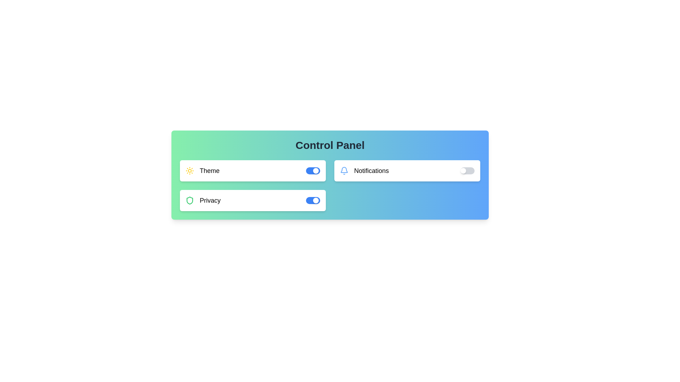 This screenshot has height=382, width=680. Describe the element at coordinates (467, 170) in the screenshot. I see `the notifications switch to toggle its state` at that location.